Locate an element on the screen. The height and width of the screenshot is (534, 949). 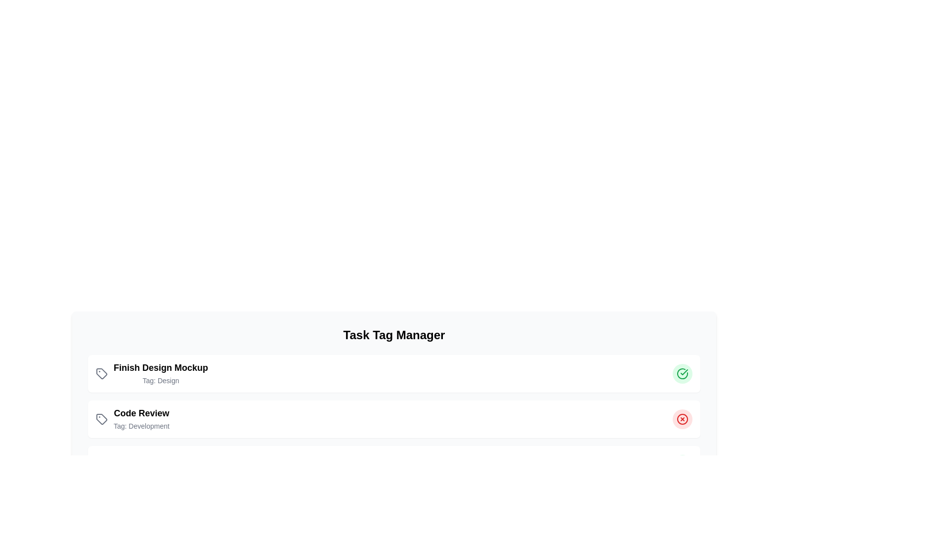
the tag icon located to the left of the 'Finish Design Mockup' text in the 'Task Tag Manager' section, which is represented by a gray label-like shape with a circular hole is located at coordinates (102, 374).